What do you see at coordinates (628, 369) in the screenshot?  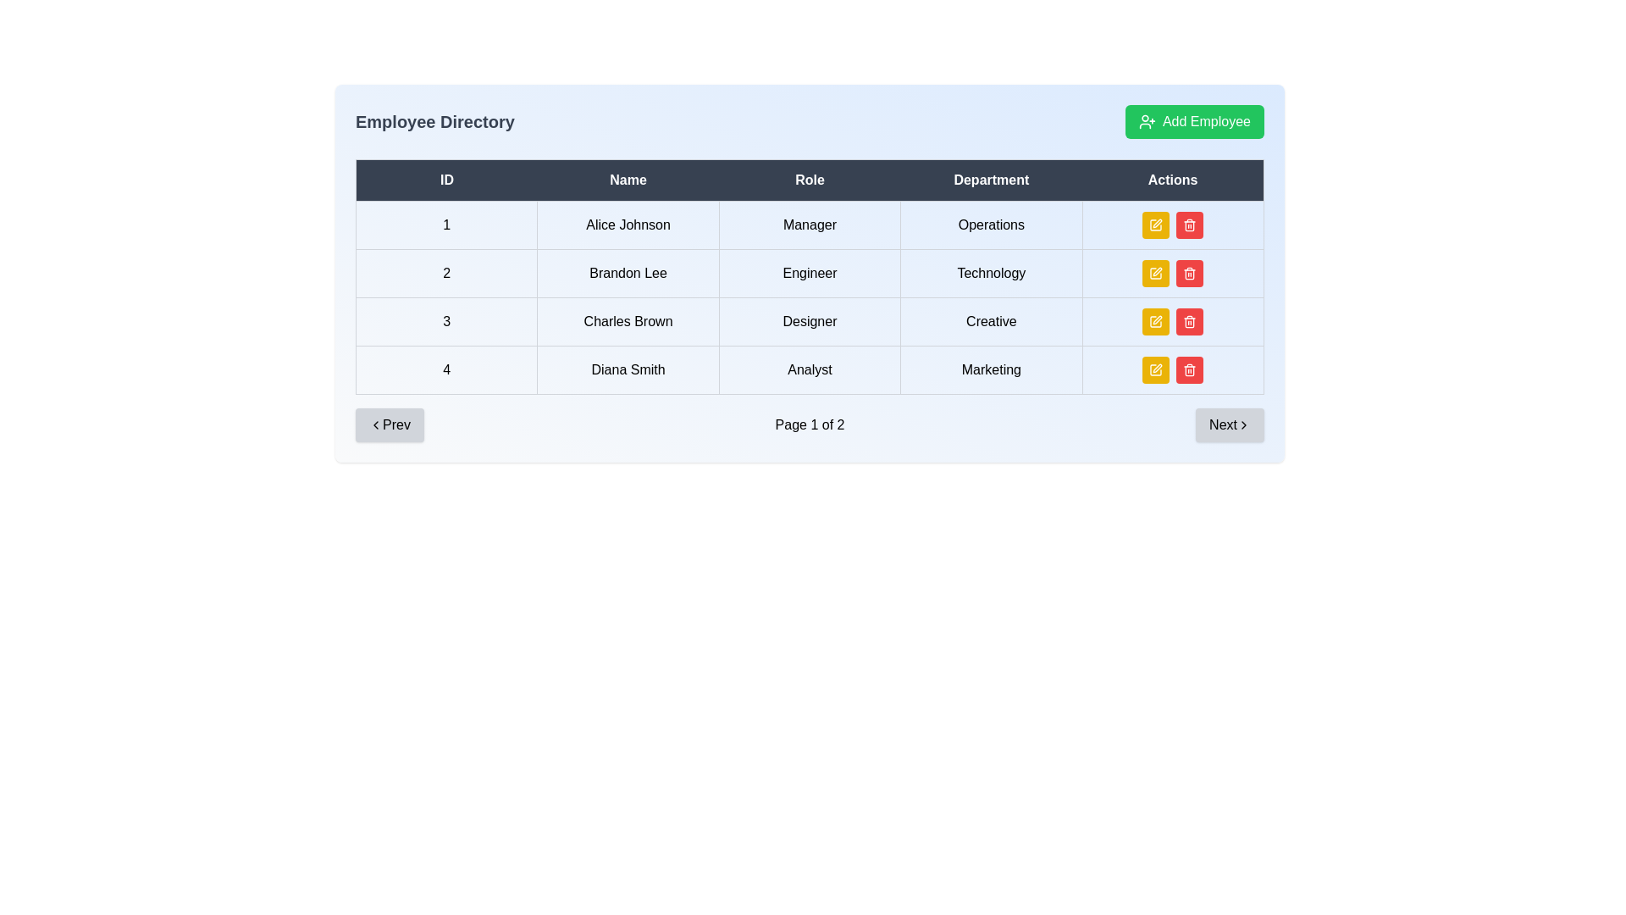 I see `the static text 'Diana Smith' located in the second column of the fourth row in the Employee Directory table` at bounding box center [628, 369].